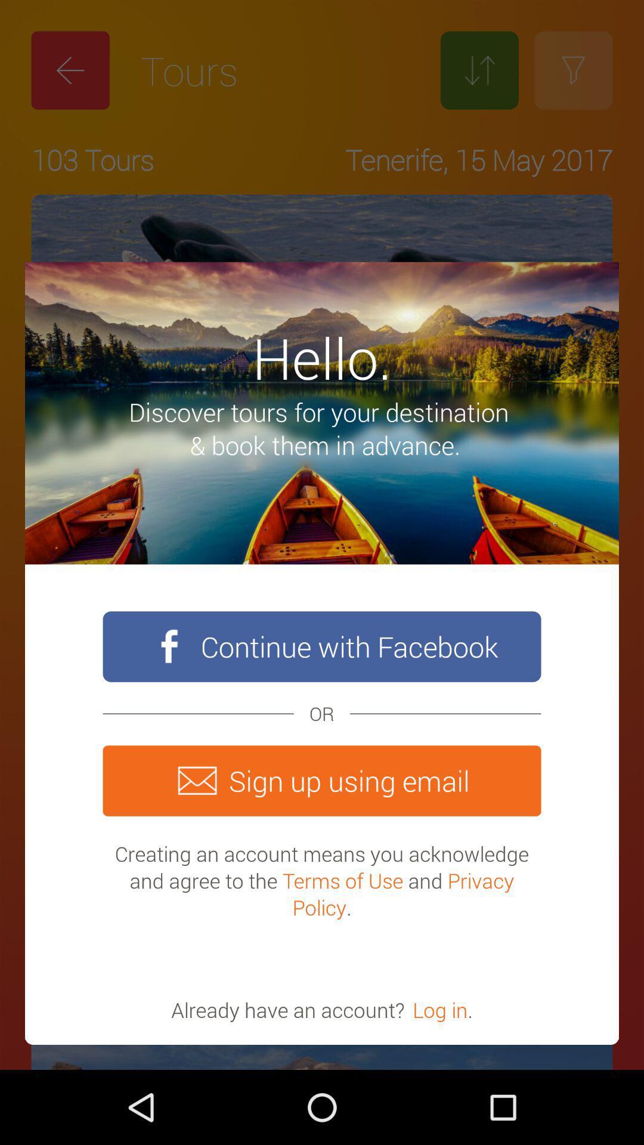 The image size is (644, 1145). What do you see at coordinates (440, 1009) in the screenshot?
I see `the log in` at bounding box center [440, 1009].